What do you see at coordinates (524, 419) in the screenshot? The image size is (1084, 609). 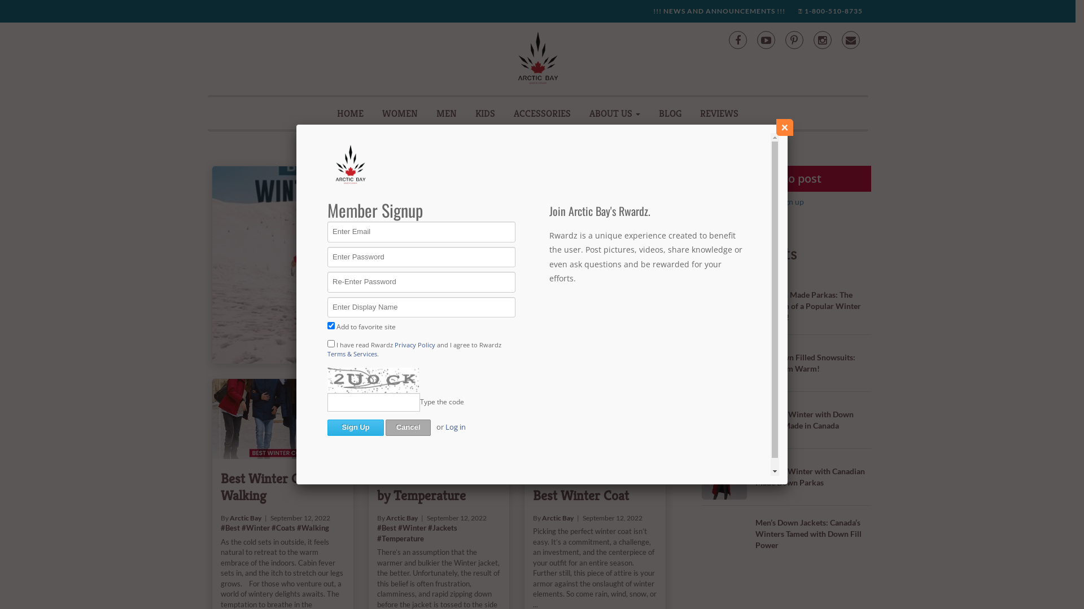 I see `'How to Choose the Best Winter Coat'` at bounding box center [524, 419].